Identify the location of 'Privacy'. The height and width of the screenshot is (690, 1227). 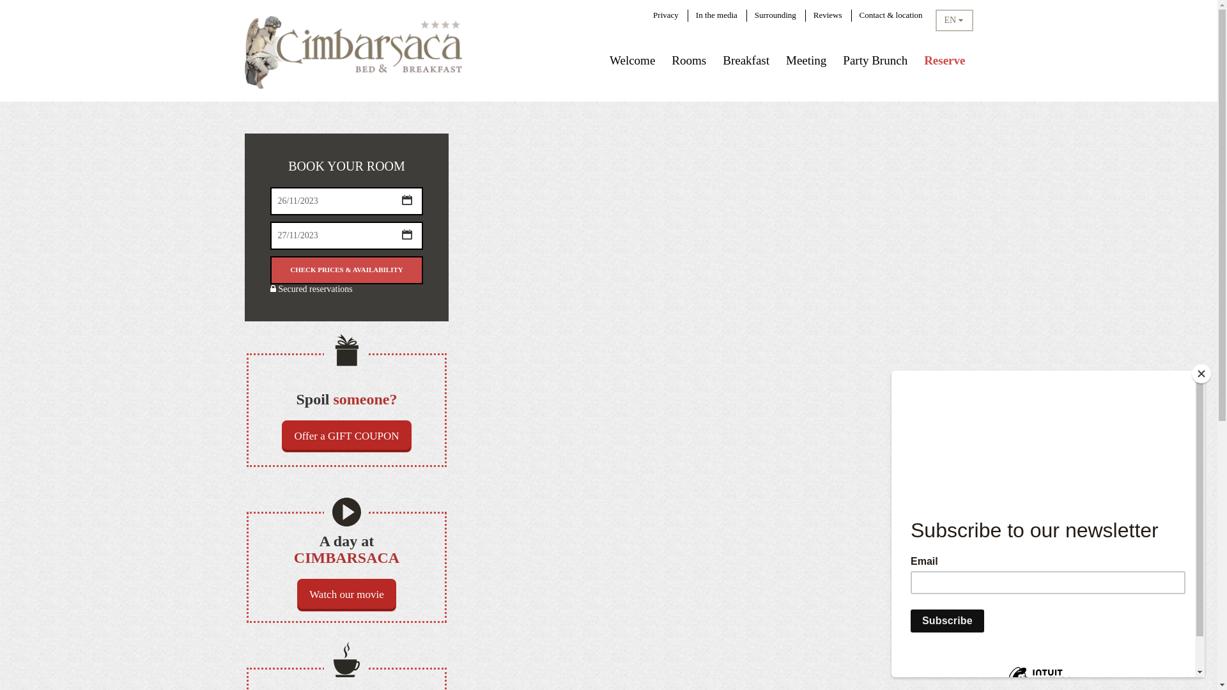
(665, 15).